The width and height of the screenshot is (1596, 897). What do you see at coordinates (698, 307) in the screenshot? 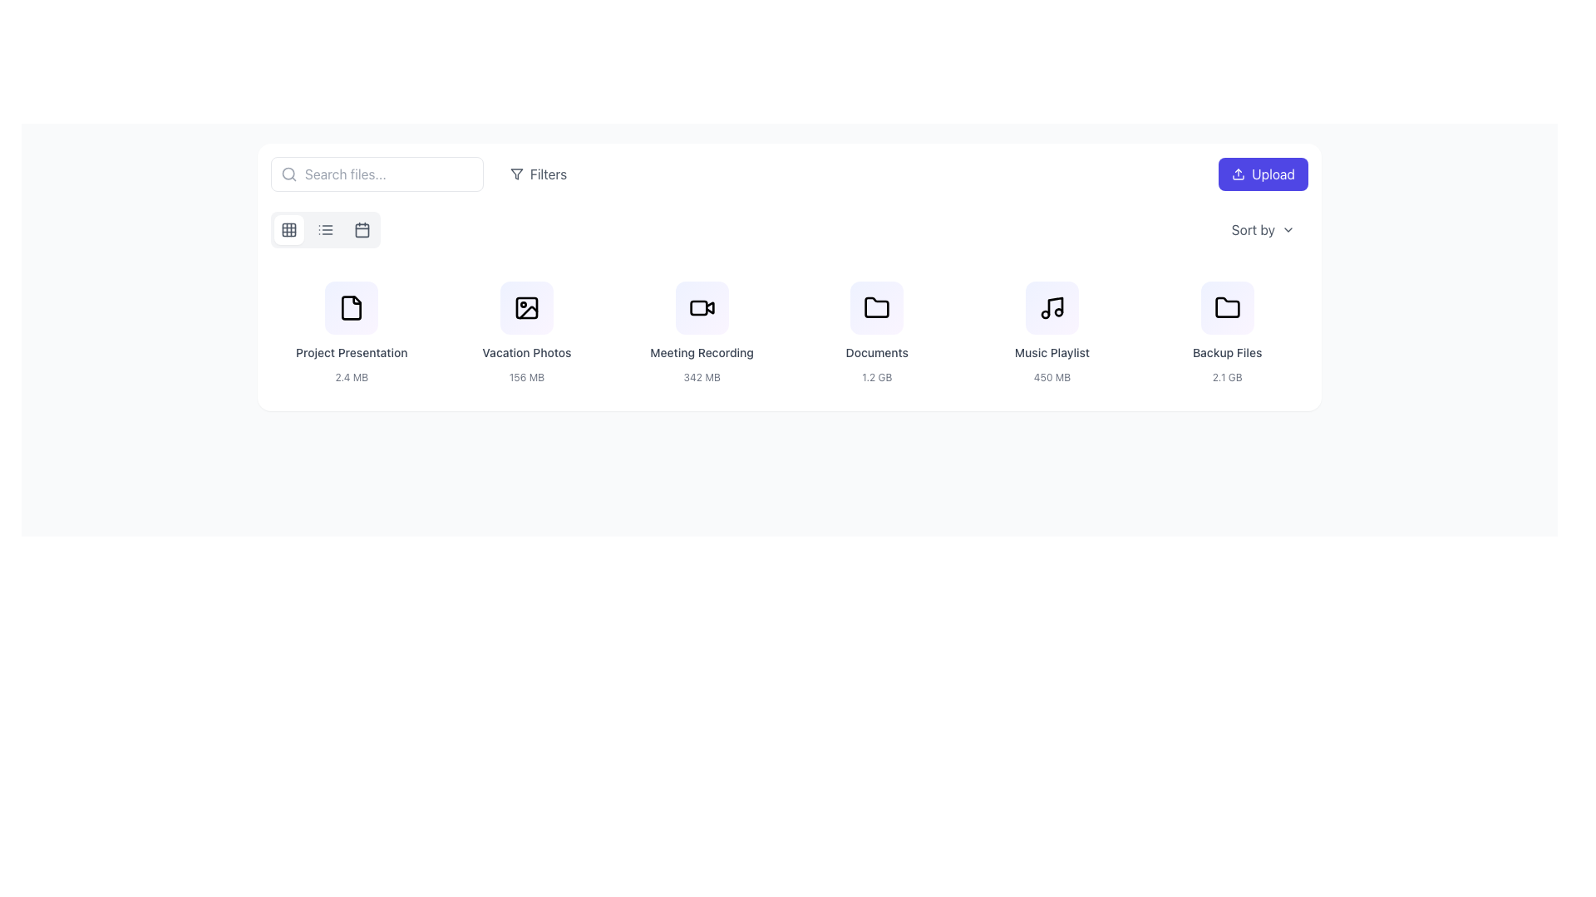
I see `the decorative component of the video camera icon representing the 'Meeting Recording' file, located in the third position from the left` at bounding box center [698, 307].